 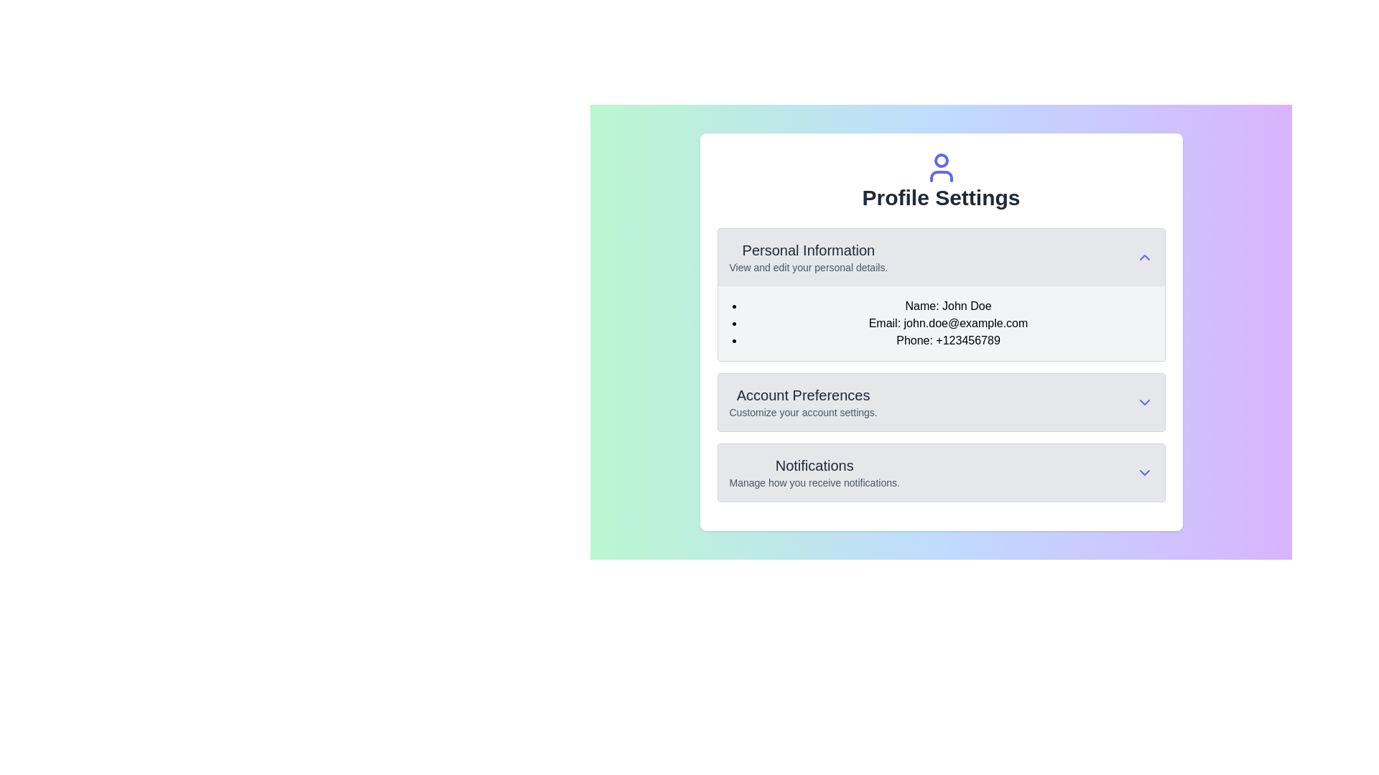 I want to click on the static text element displaying the contact phone number located in the 'Personal Information' section of the 'Profile Settings' page, so click(x=948, y=340).